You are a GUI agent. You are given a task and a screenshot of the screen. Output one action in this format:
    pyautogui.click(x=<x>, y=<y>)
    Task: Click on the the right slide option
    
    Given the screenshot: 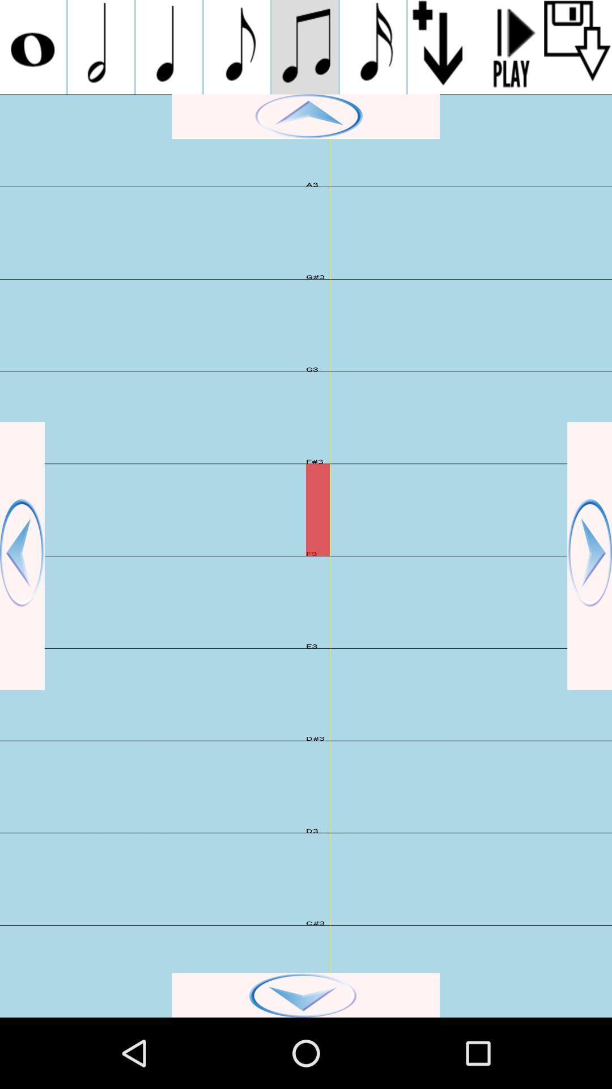 What is the action you would take?
    pyautogui.click(x=589, y=556)
    